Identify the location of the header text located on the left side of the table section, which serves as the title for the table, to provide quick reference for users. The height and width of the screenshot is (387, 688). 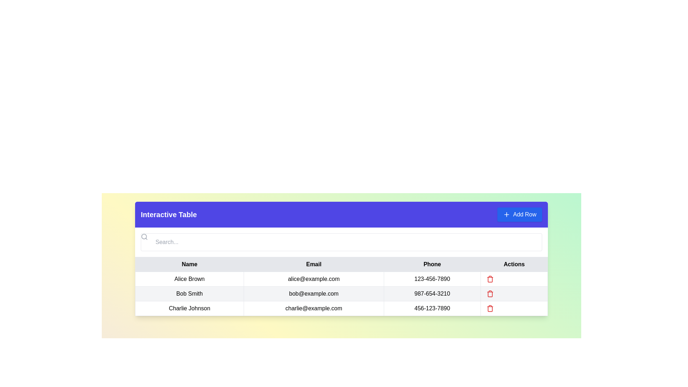
(168, 214).